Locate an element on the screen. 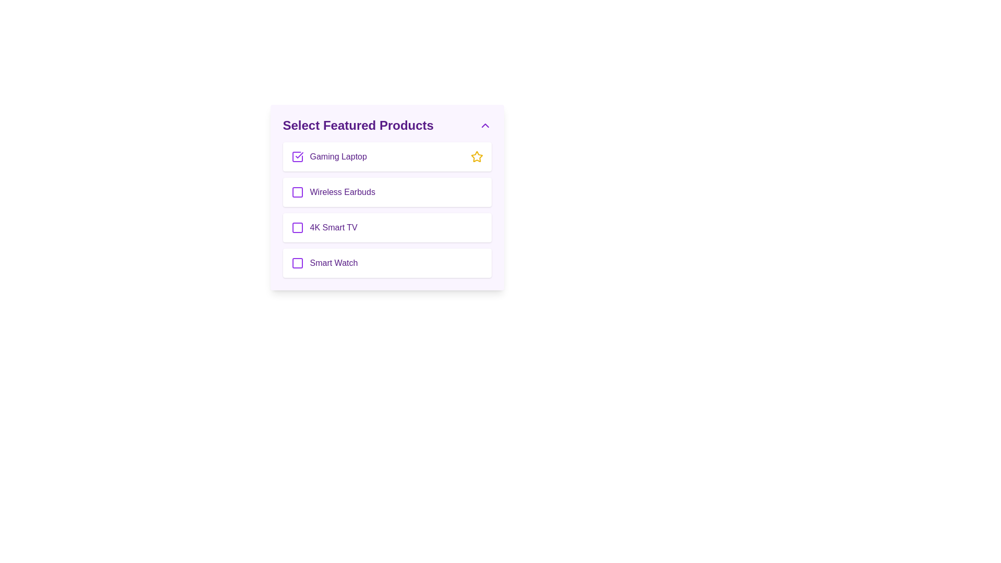 Image resolution: width=1001 pixels, height=563 pixels. the purple checkbox representing the selectable box in the fourth position of the 'Select Featured Products' list is located at coordinates (297, 263).